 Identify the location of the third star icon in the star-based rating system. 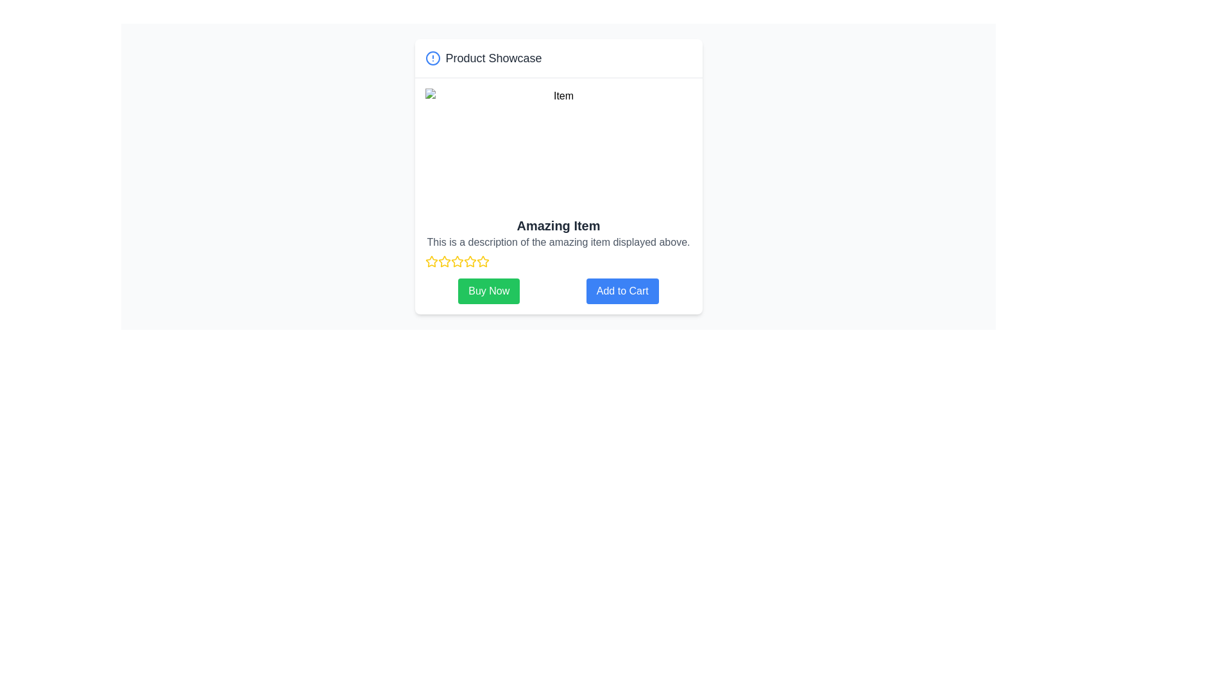
(457, 261).